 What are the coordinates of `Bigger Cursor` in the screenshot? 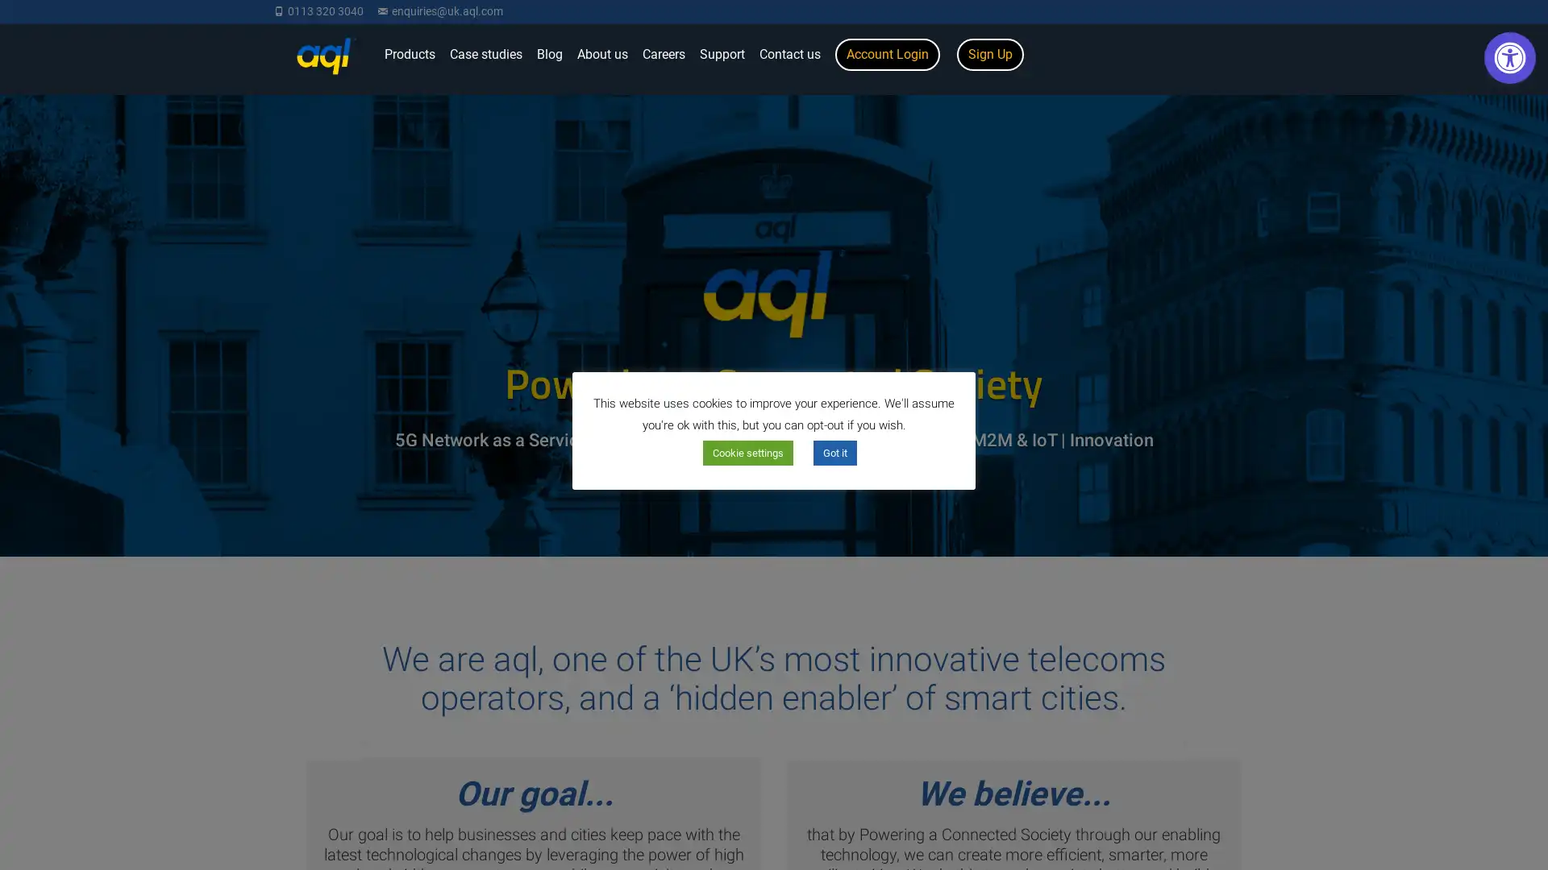 It's located at (1407, 109).